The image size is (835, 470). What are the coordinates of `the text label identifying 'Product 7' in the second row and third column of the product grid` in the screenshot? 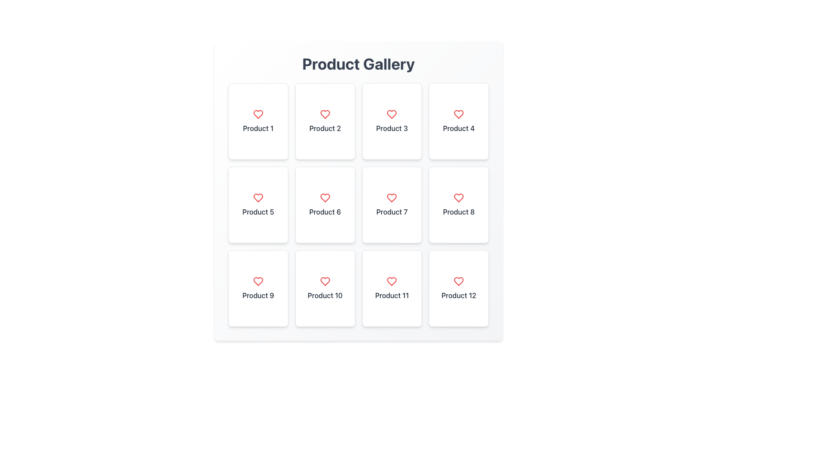 It's located at (391, 211).